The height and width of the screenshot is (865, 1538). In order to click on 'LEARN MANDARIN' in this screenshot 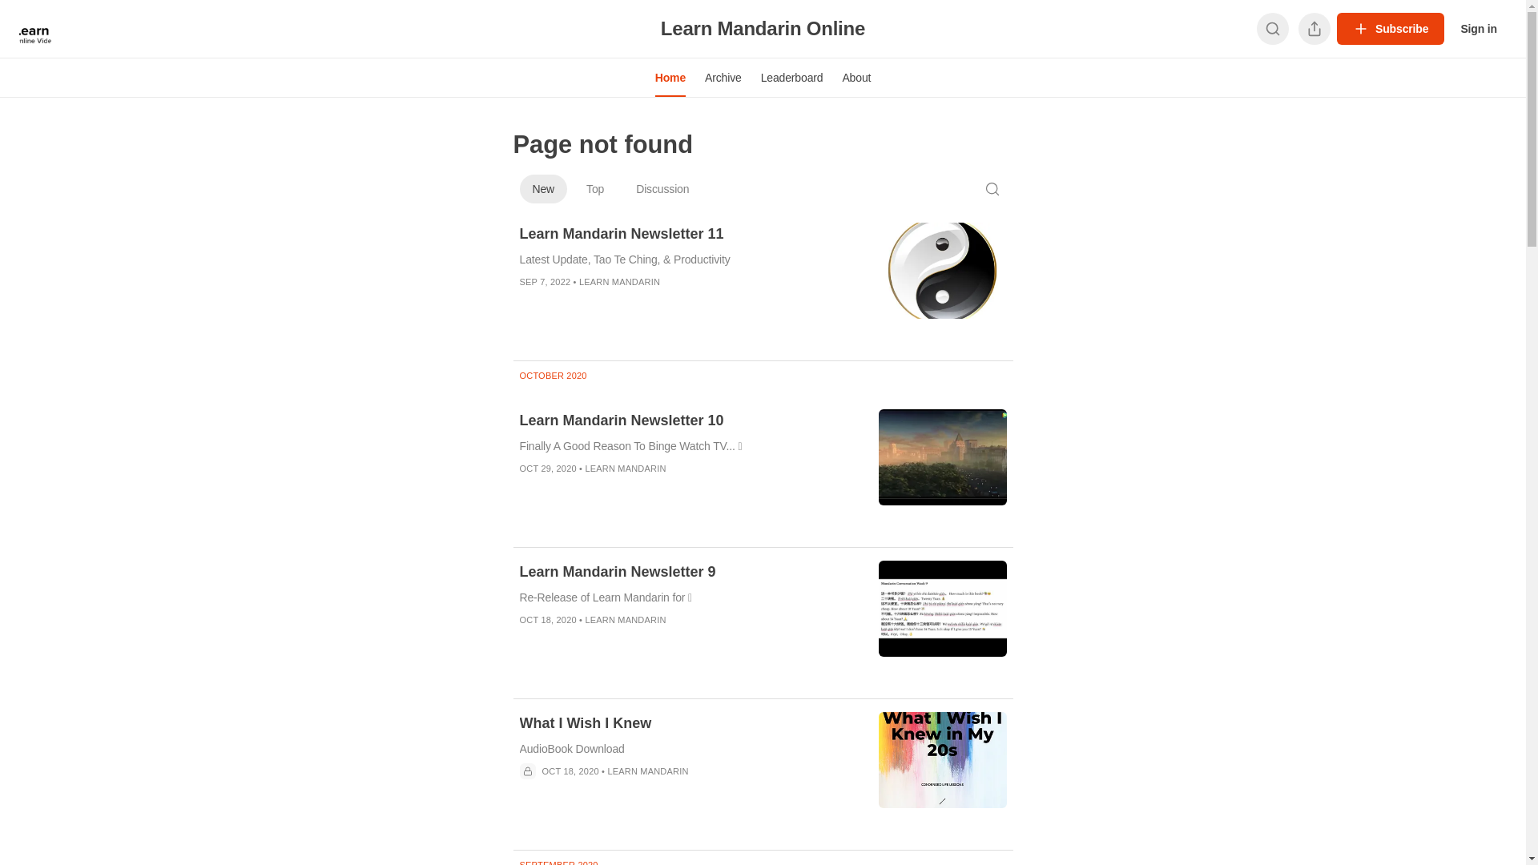, I will do `click(618, 280)`.